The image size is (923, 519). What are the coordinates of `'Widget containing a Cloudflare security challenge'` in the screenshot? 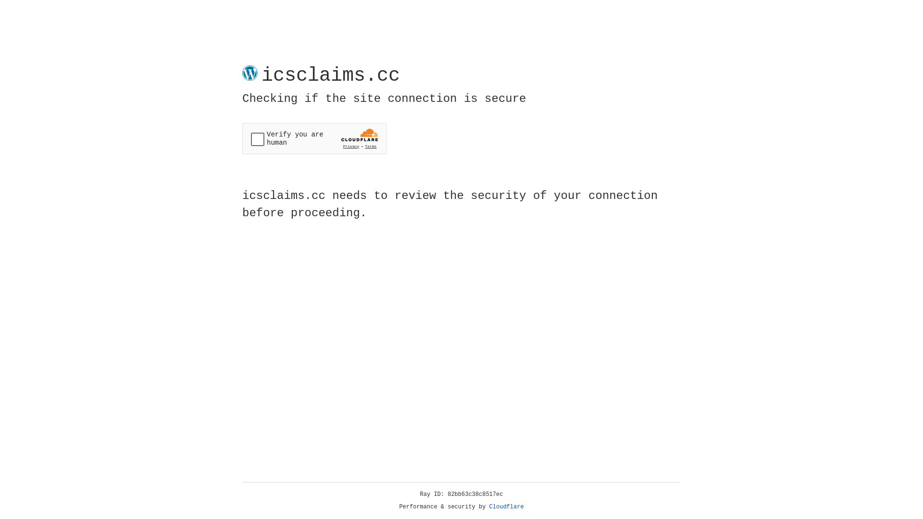 It's located at (314, 138).